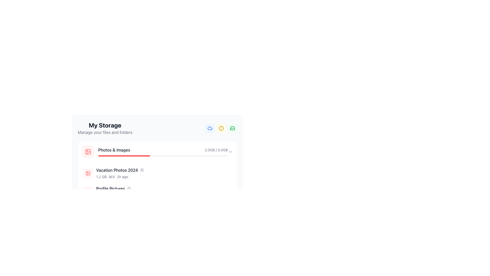  What do you see at coordinates (88, 173) in the screenshot?
I see `the small square icon with rounded corners located in the first column of the second row, which has a light red background and contains a vector graphic of an image placeholder, positioned directly to the left of the text 'Vacation Photos 2024'` at bounding box center [88, 173].